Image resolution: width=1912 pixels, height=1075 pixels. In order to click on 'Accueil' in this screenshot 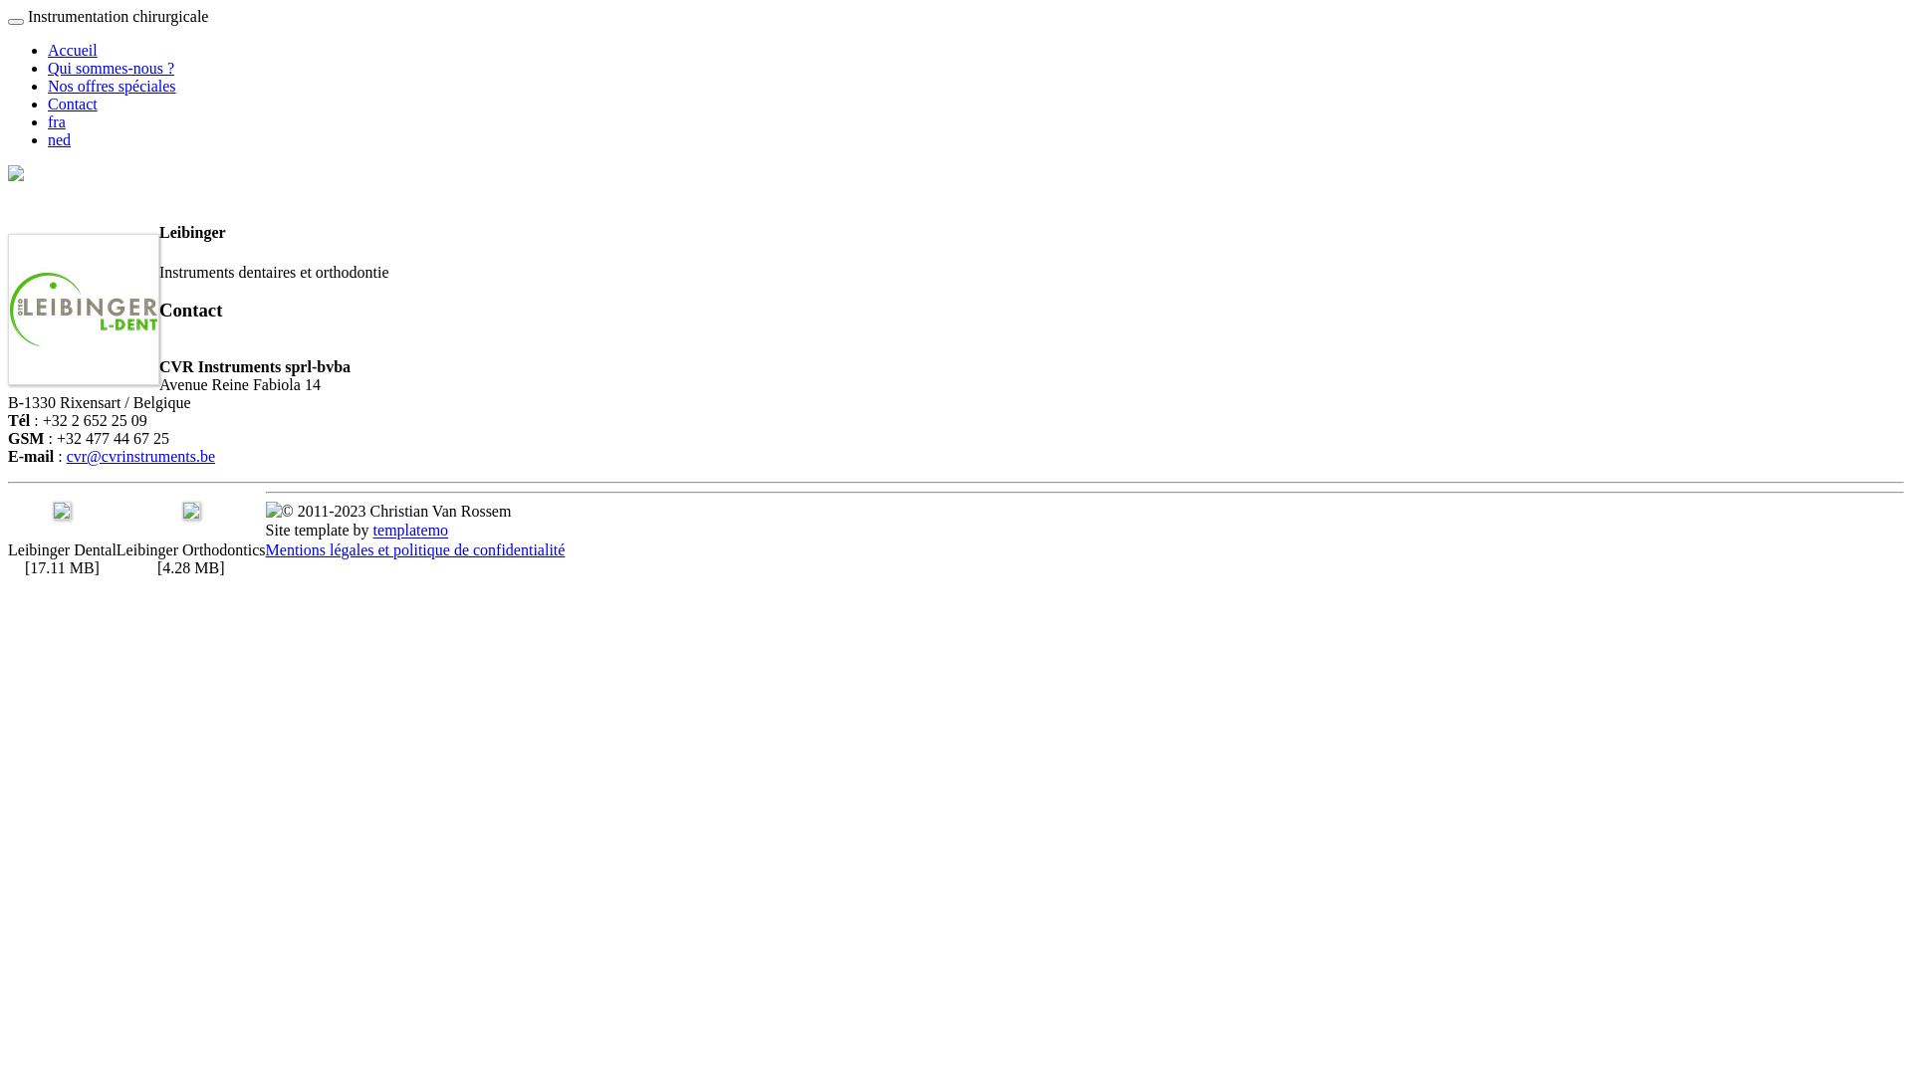, I will do `click(48, 49)`.